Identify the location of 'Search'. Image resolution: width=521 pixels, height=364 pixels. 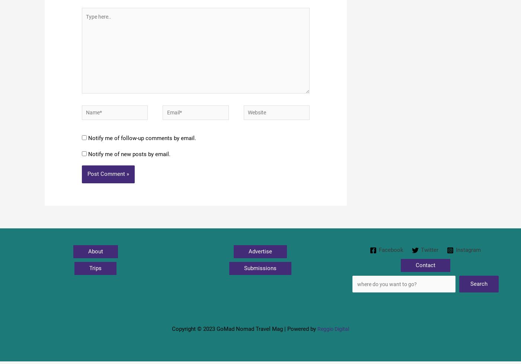
(470, 291).